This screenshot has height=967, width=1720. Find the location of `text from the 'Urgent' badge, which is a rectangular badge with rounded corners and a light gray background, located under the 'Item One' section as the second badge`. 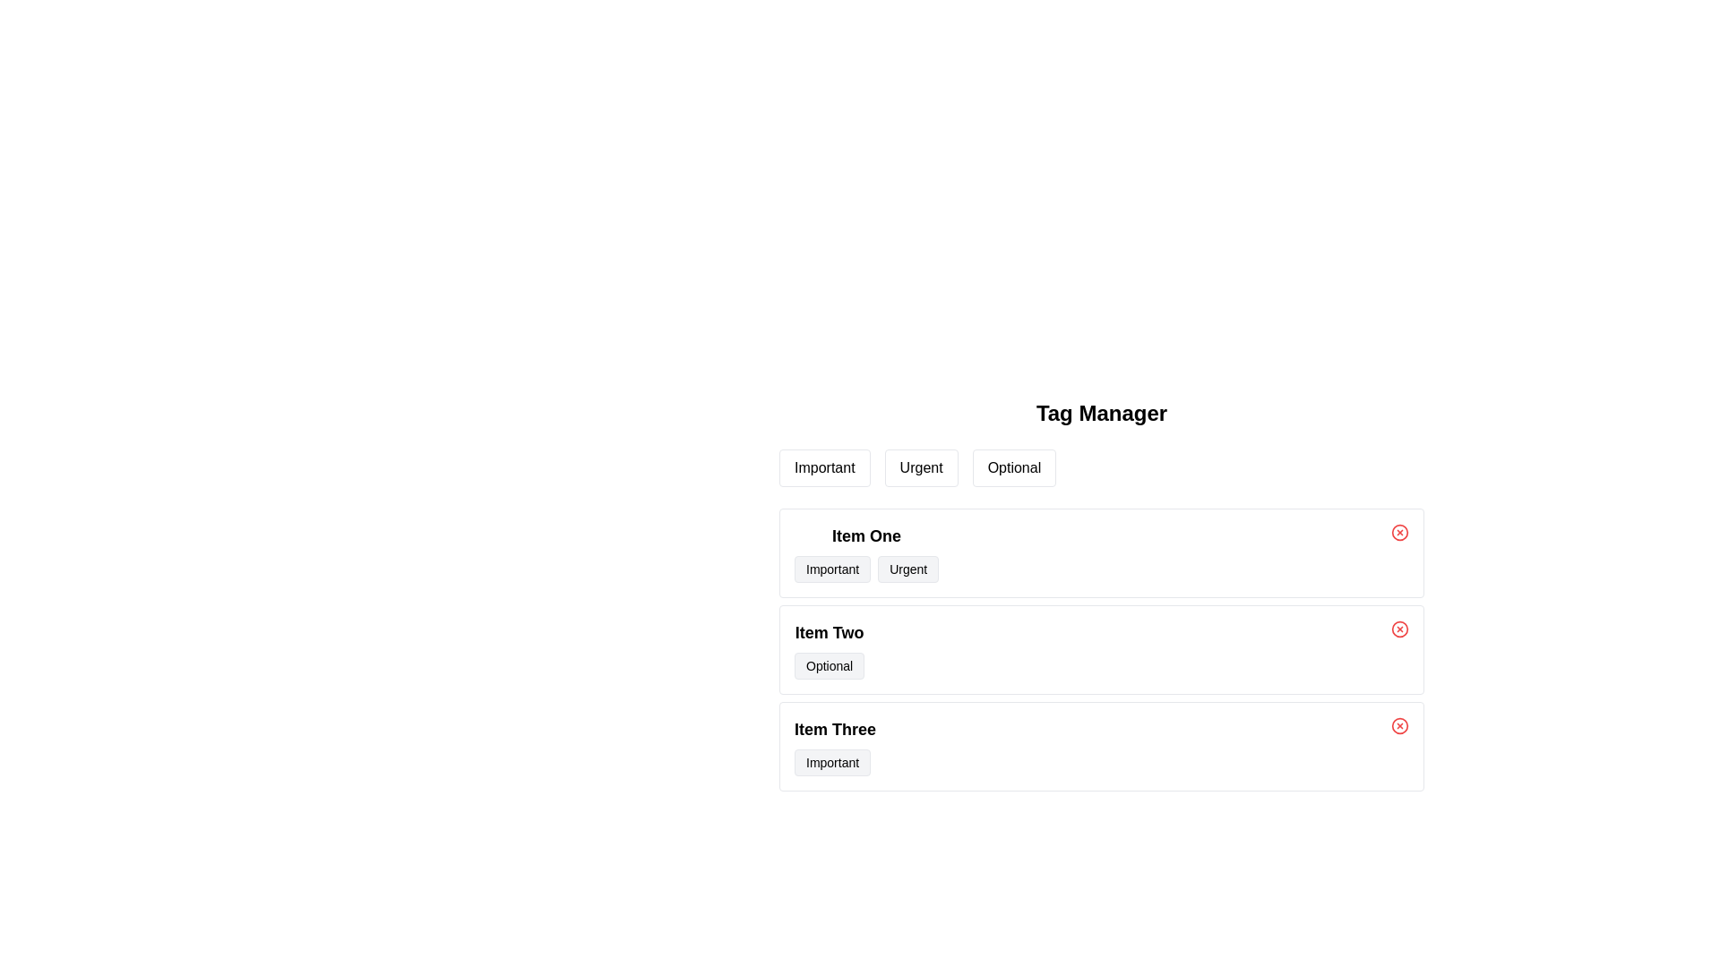

text from the 'Urgent' badge, which is a rectangular badge with rounded corners and a light gray background, located under the 'Item One' section as the second badge is located at coordinates (908, 569).